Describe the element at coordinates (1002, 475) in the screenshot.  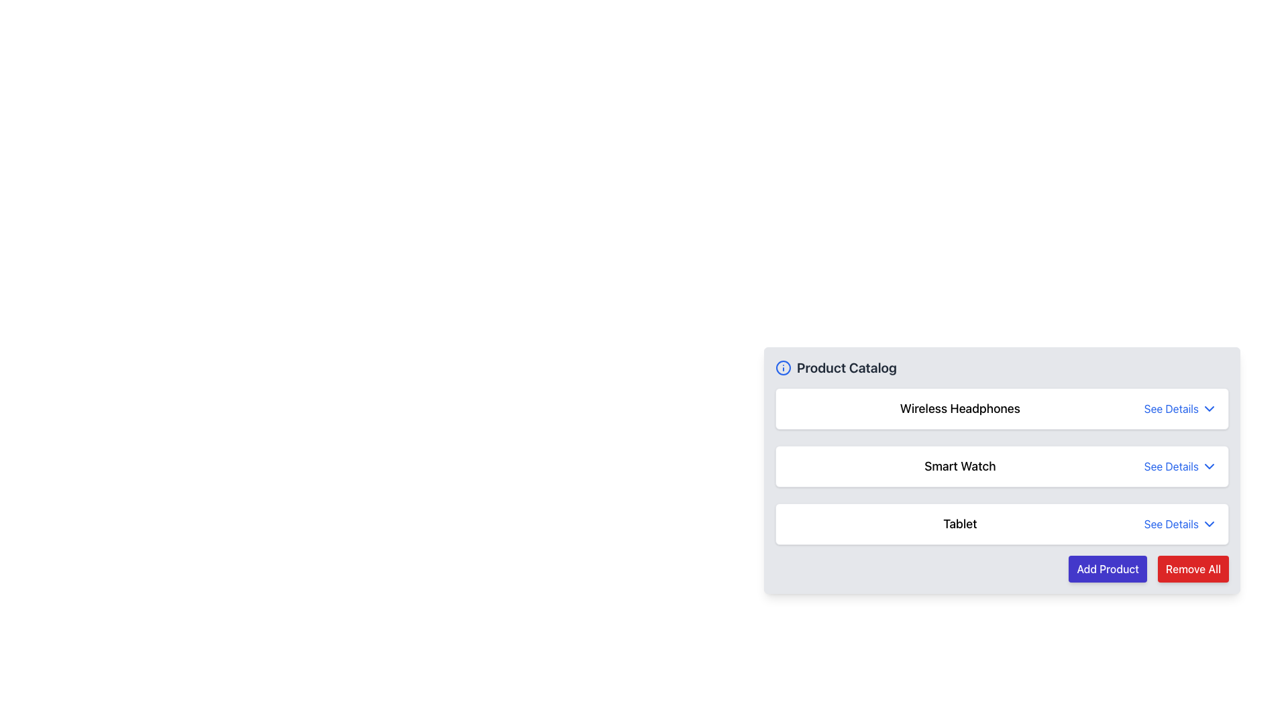
I see `the 'Smart Watch' product card in the product catalog` at that location.